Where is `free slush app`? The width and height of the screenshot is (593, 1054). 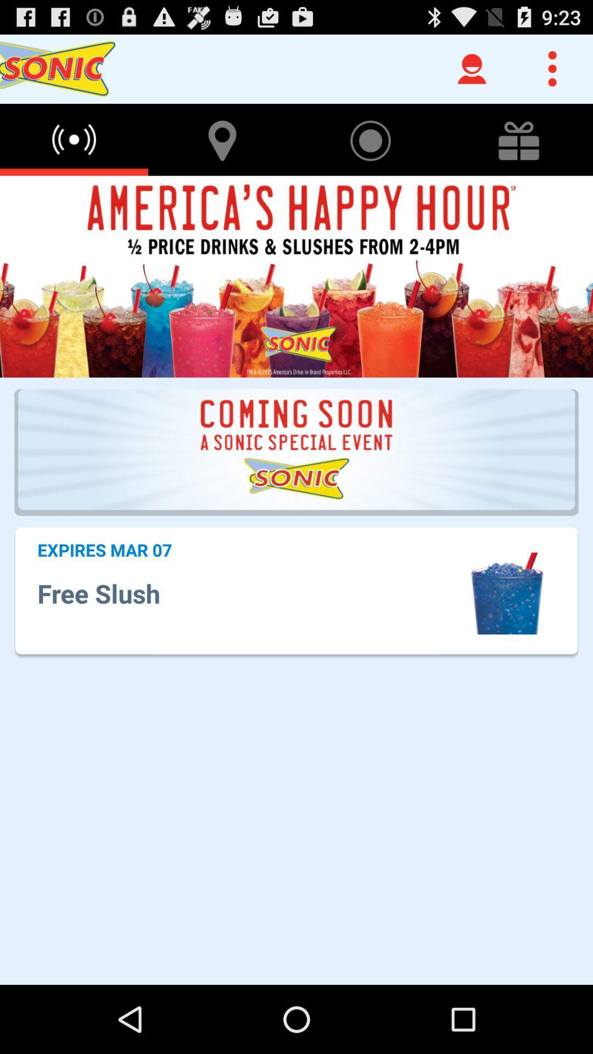
free slush app is located at coordinates (251, 593).